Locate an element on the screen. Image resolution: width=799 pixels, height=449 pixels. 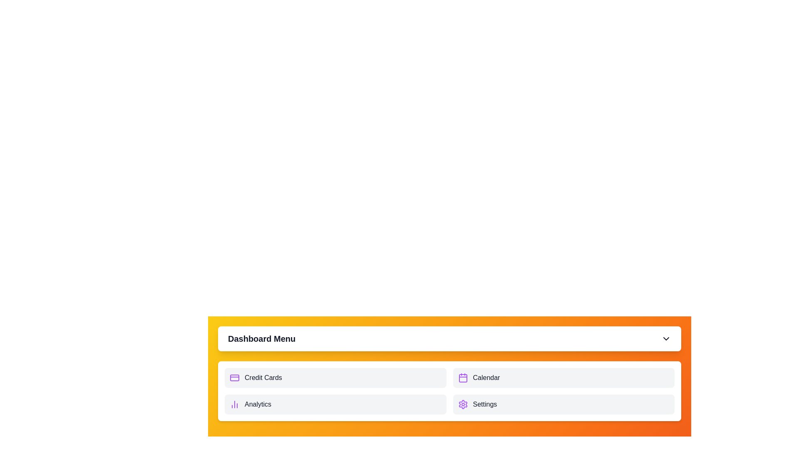
the menu item Settings is located at coordinates (563, 404).